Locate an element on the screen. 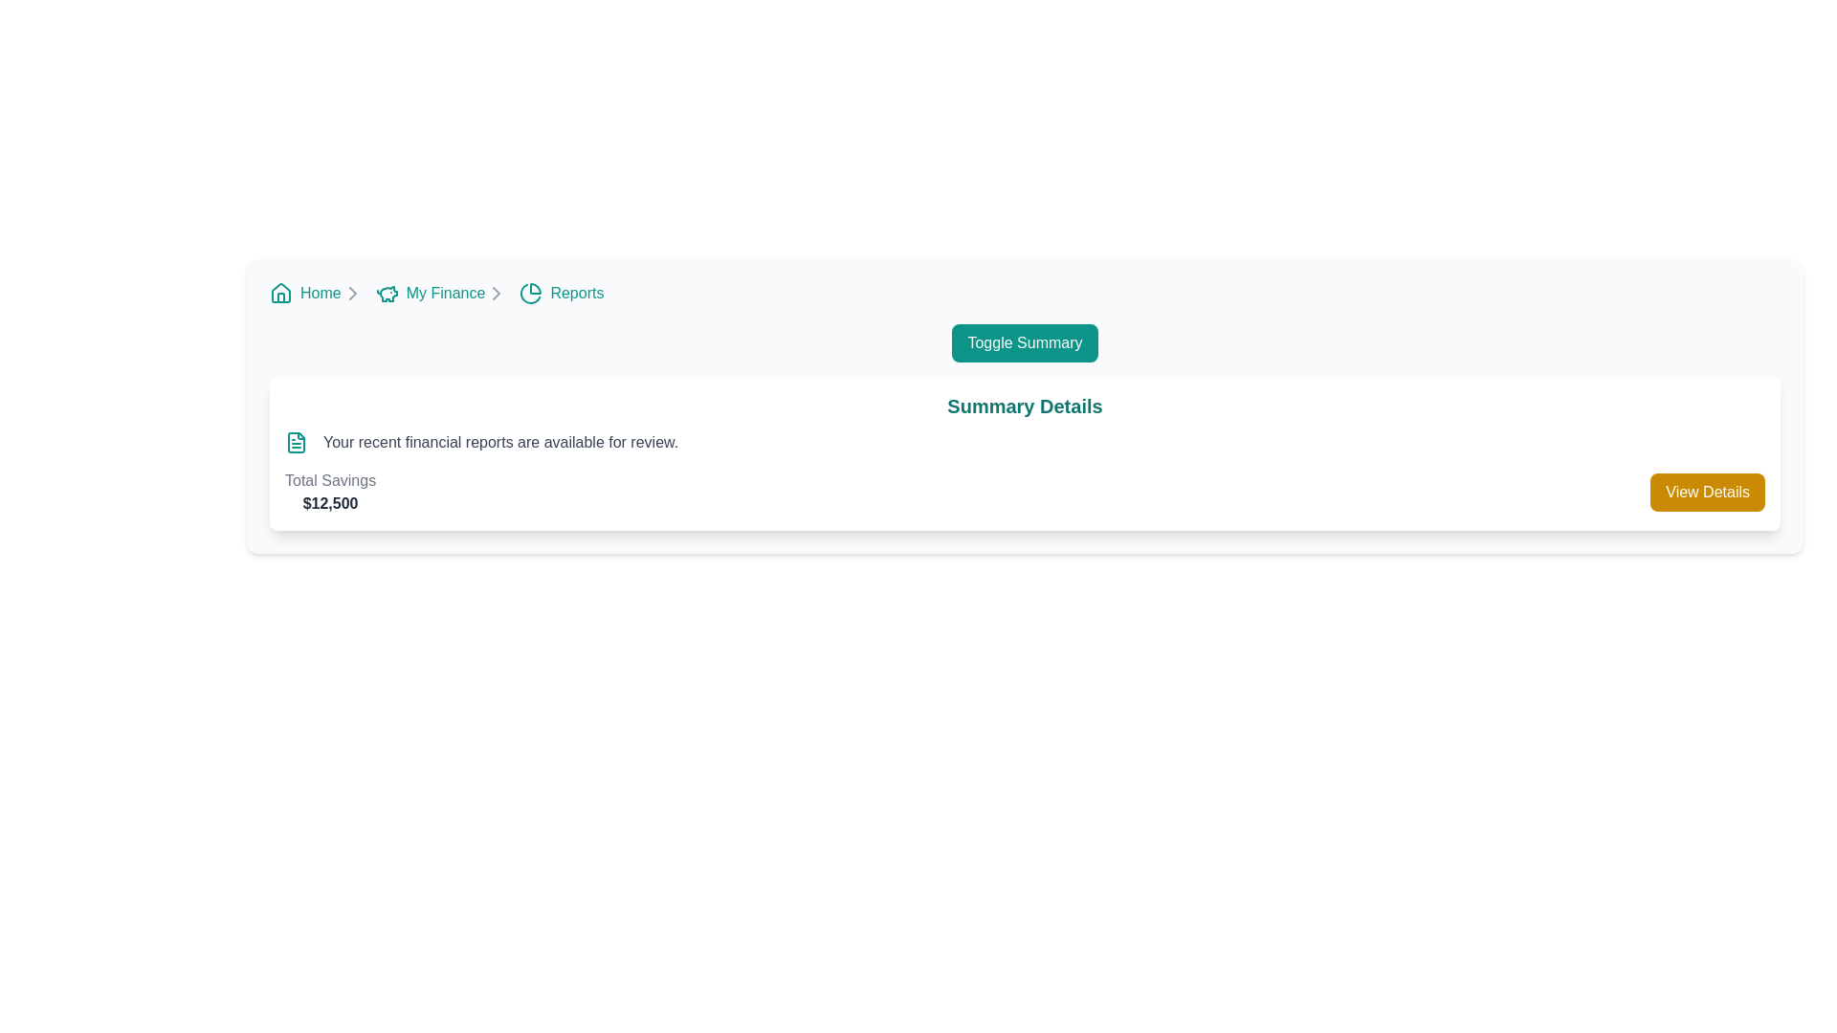 The image size is (1837, 1033). the 'Home' breadcrumb link, which is styled with teal text and has a house icon preceding it, located at the top-left of the breadcrumb navigation bar is located at coordinates (317, 294).